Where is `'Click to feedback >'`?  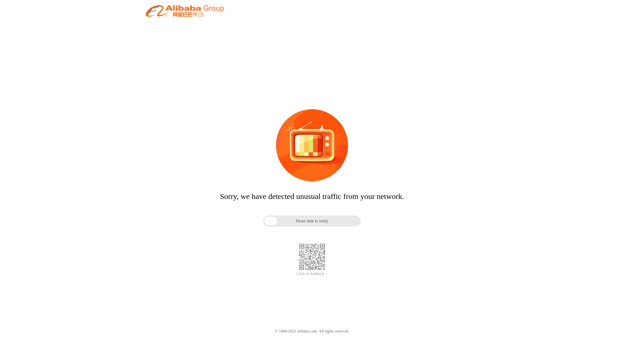 'Click to feedback >' is located at coordinates (312, 274).